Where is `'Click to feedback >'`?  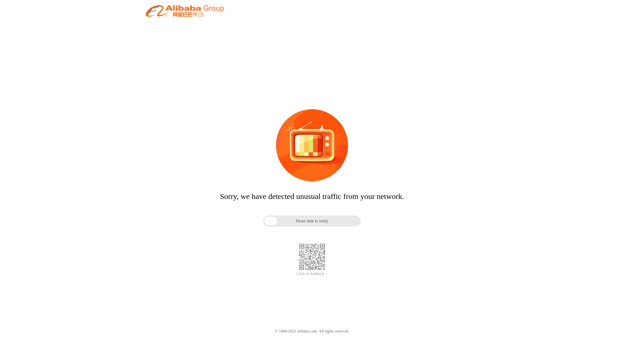 'Click to feedback >' is located at coordinates (312, 274).